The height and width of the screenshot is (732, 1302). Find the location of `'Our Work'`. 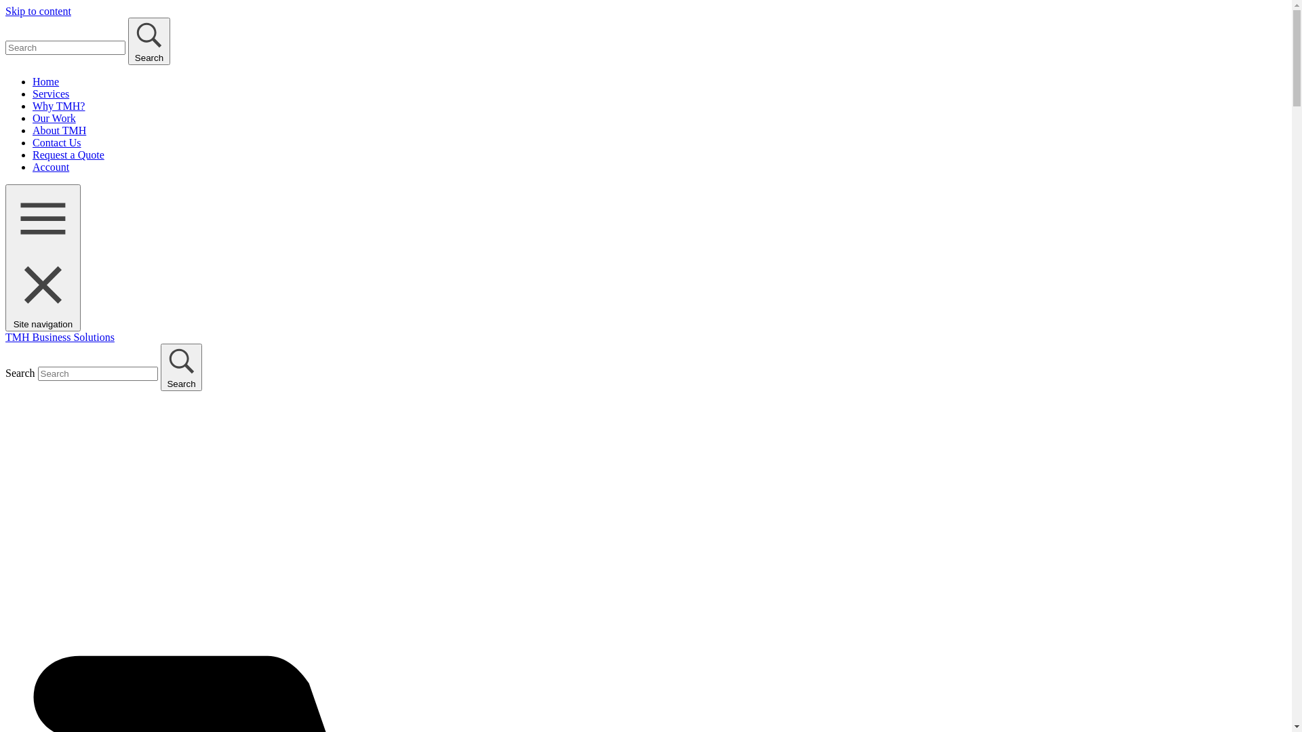

'Our Work' is located at coordinates (54, 117).